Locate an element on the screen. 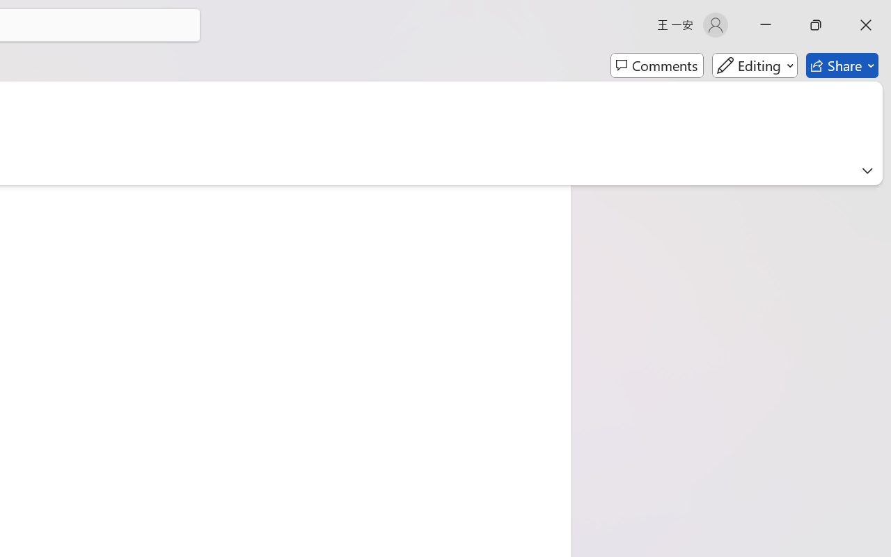 This screenshot has height=557, width=891. 'Comments' is located at coordinates (656, 65).